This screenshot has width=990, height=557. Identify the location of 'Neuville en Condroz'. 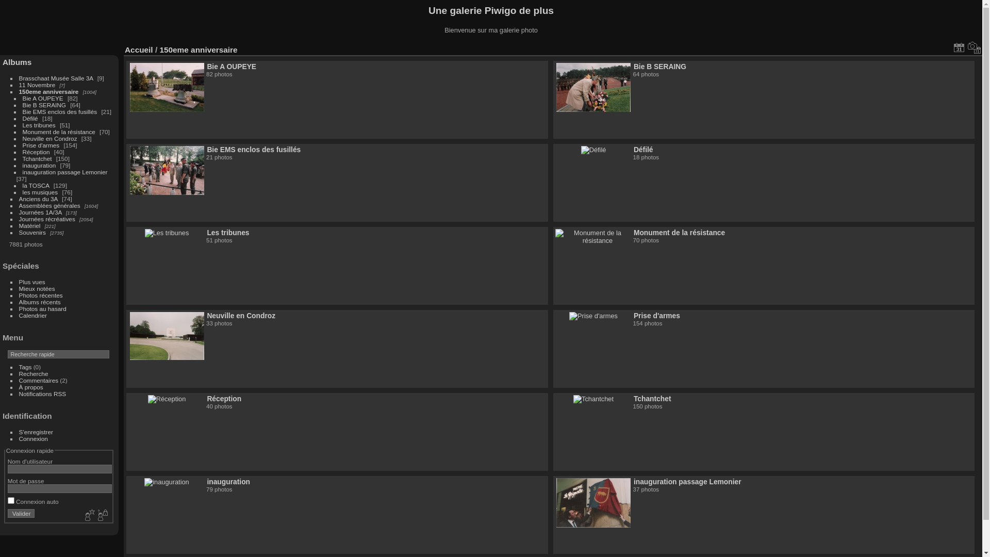
(22, 138).